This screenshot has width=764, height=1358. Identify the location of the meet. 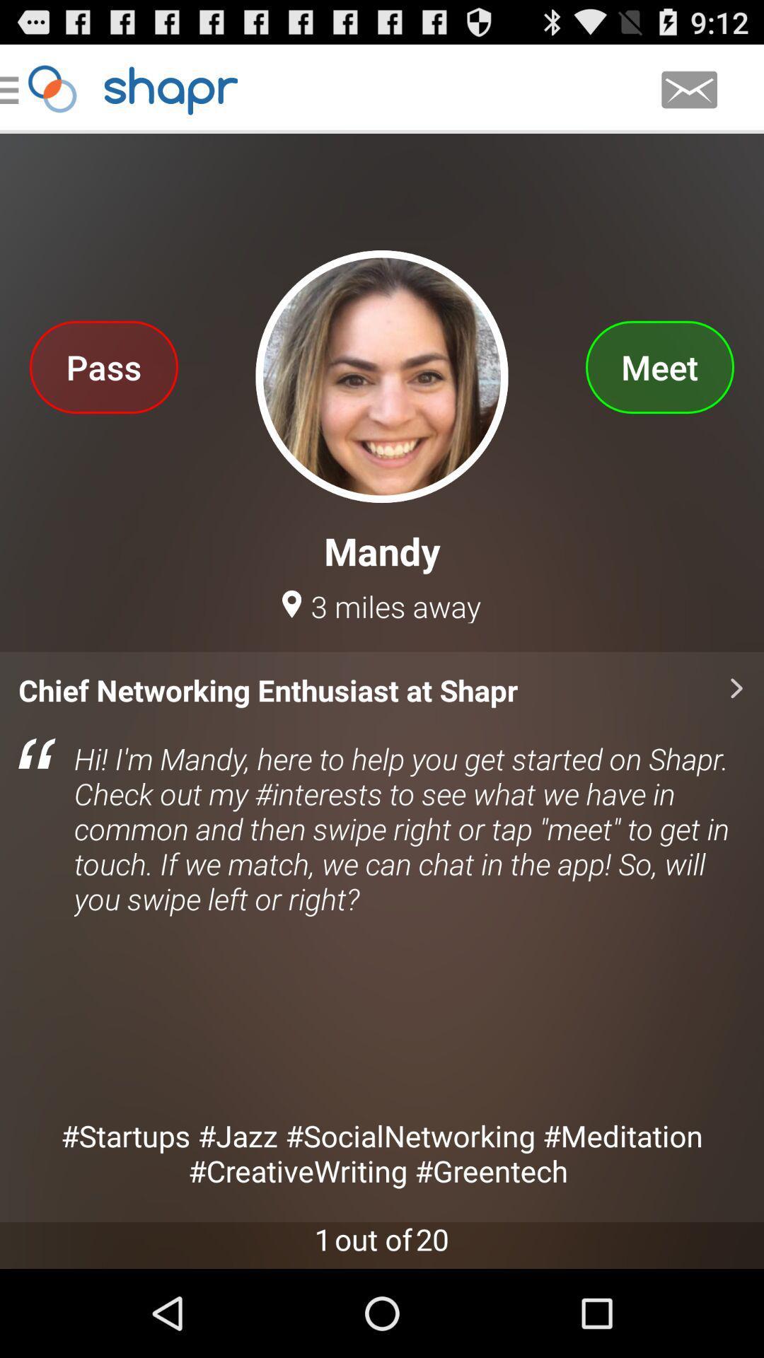
(659, 366).